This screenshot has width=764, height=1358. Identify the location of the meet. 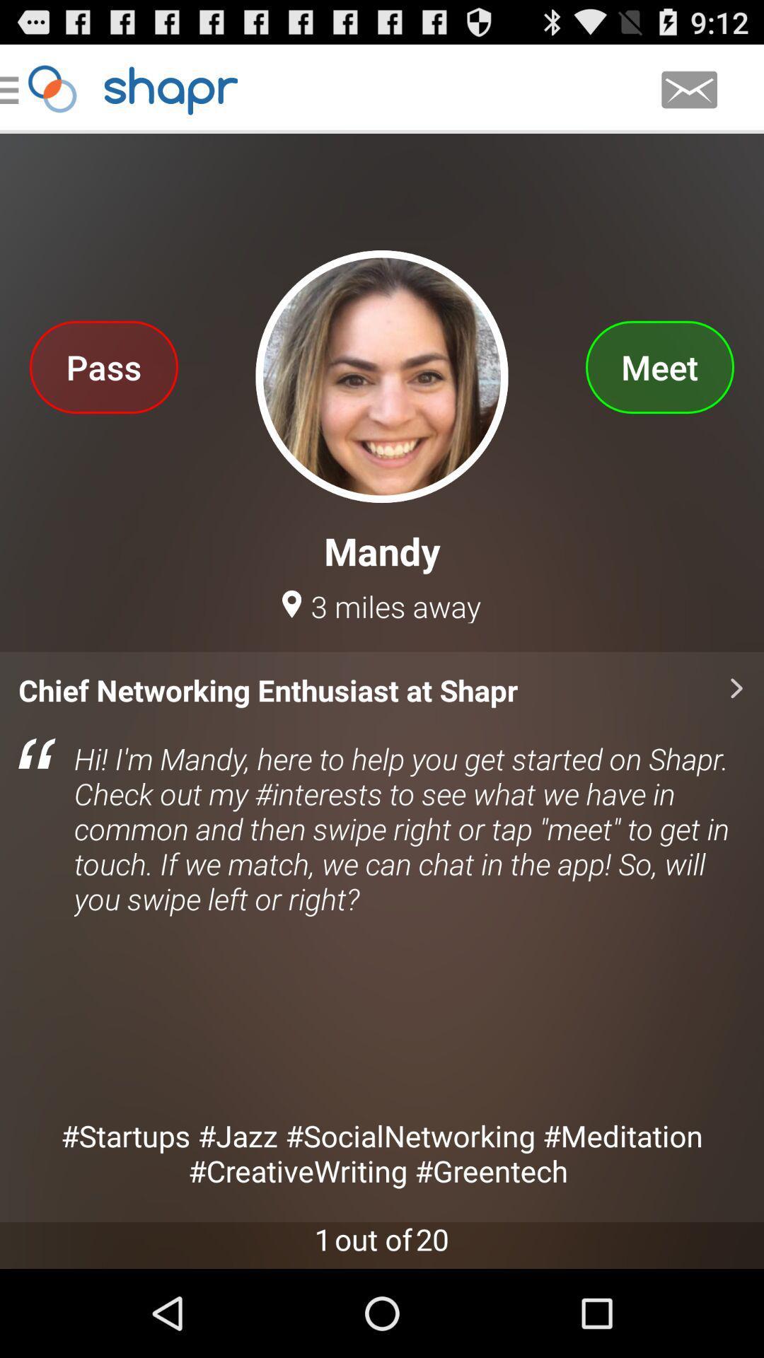
(659, 366).